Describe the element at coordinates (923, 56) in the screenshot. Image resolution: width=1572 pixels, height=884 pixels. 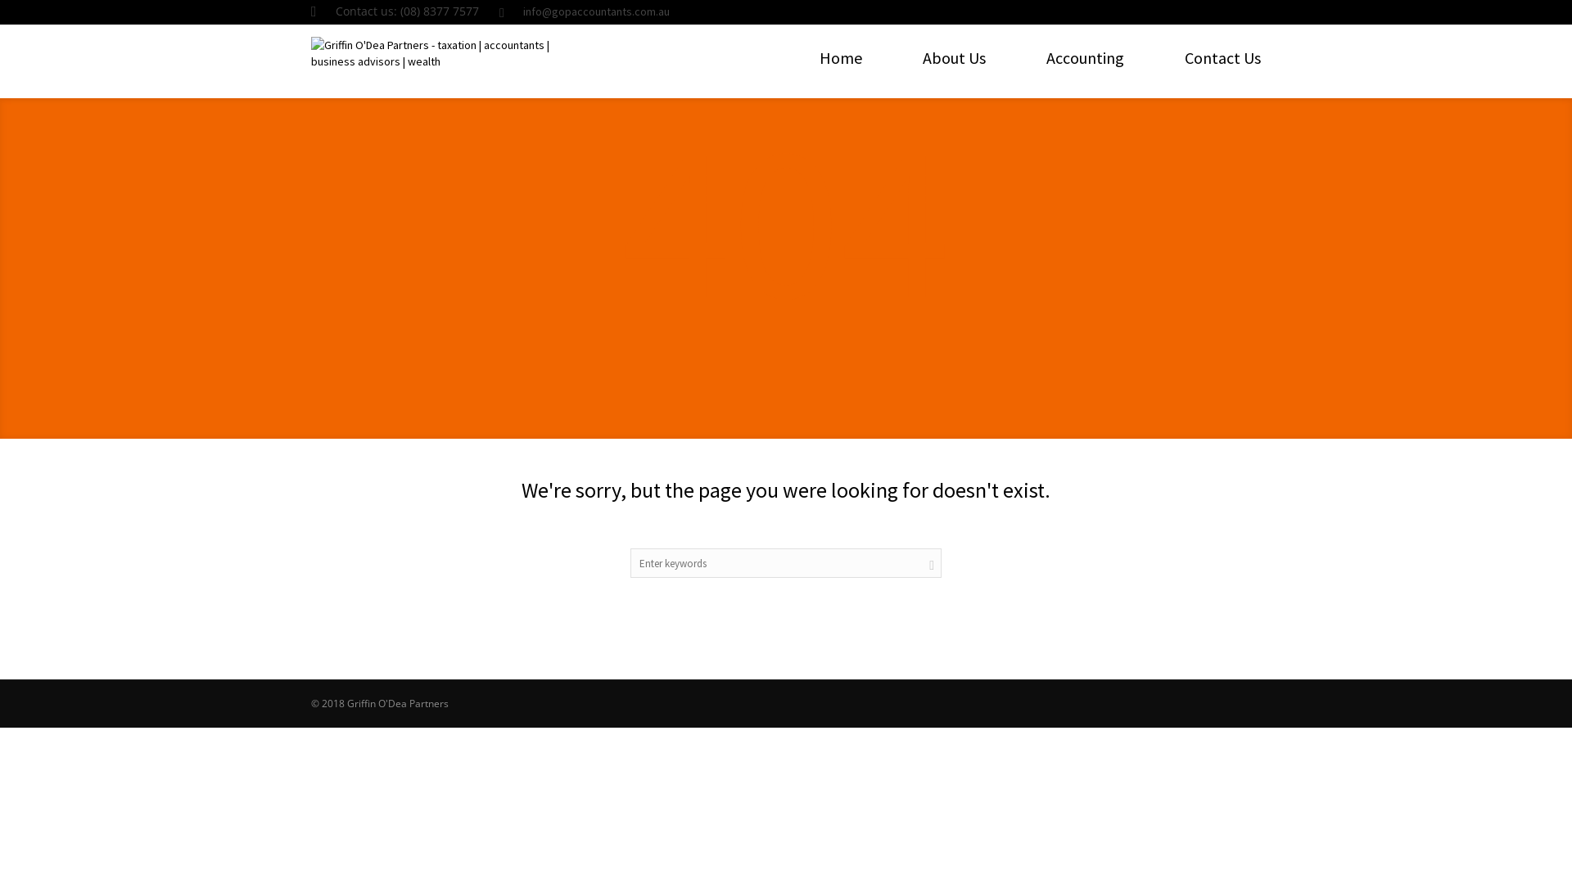
I see `'About Us'` at that location.